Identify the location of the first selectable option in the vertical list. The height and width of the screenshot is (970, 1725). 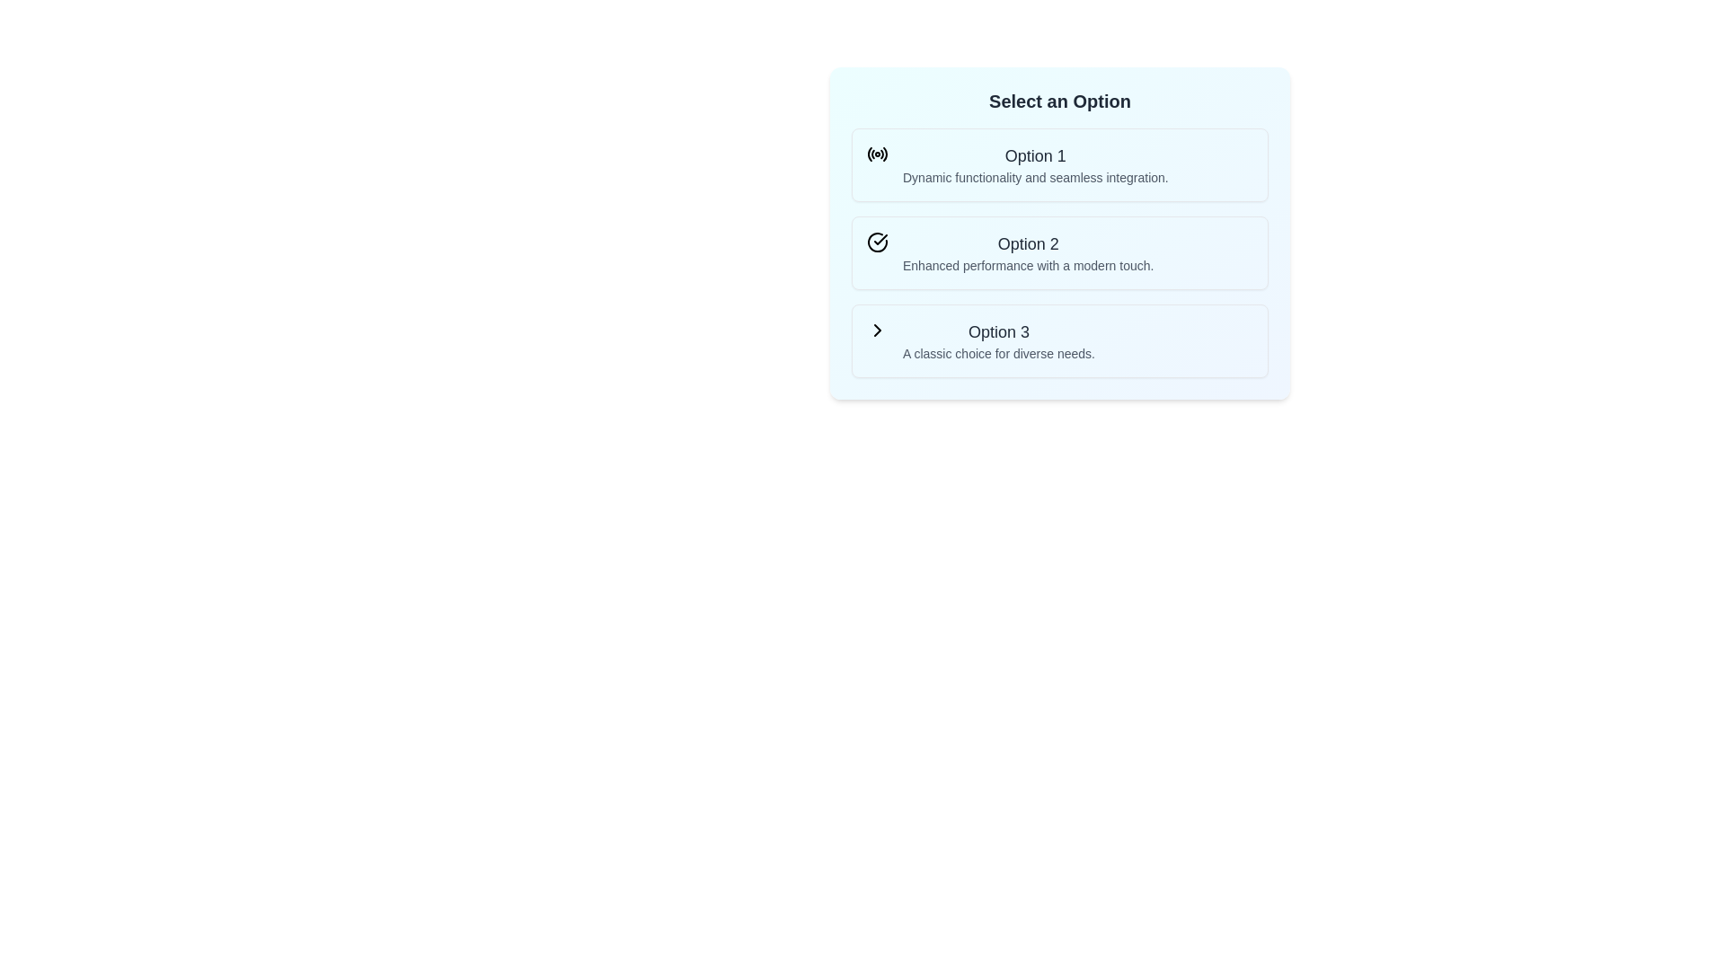
(1060, 165).